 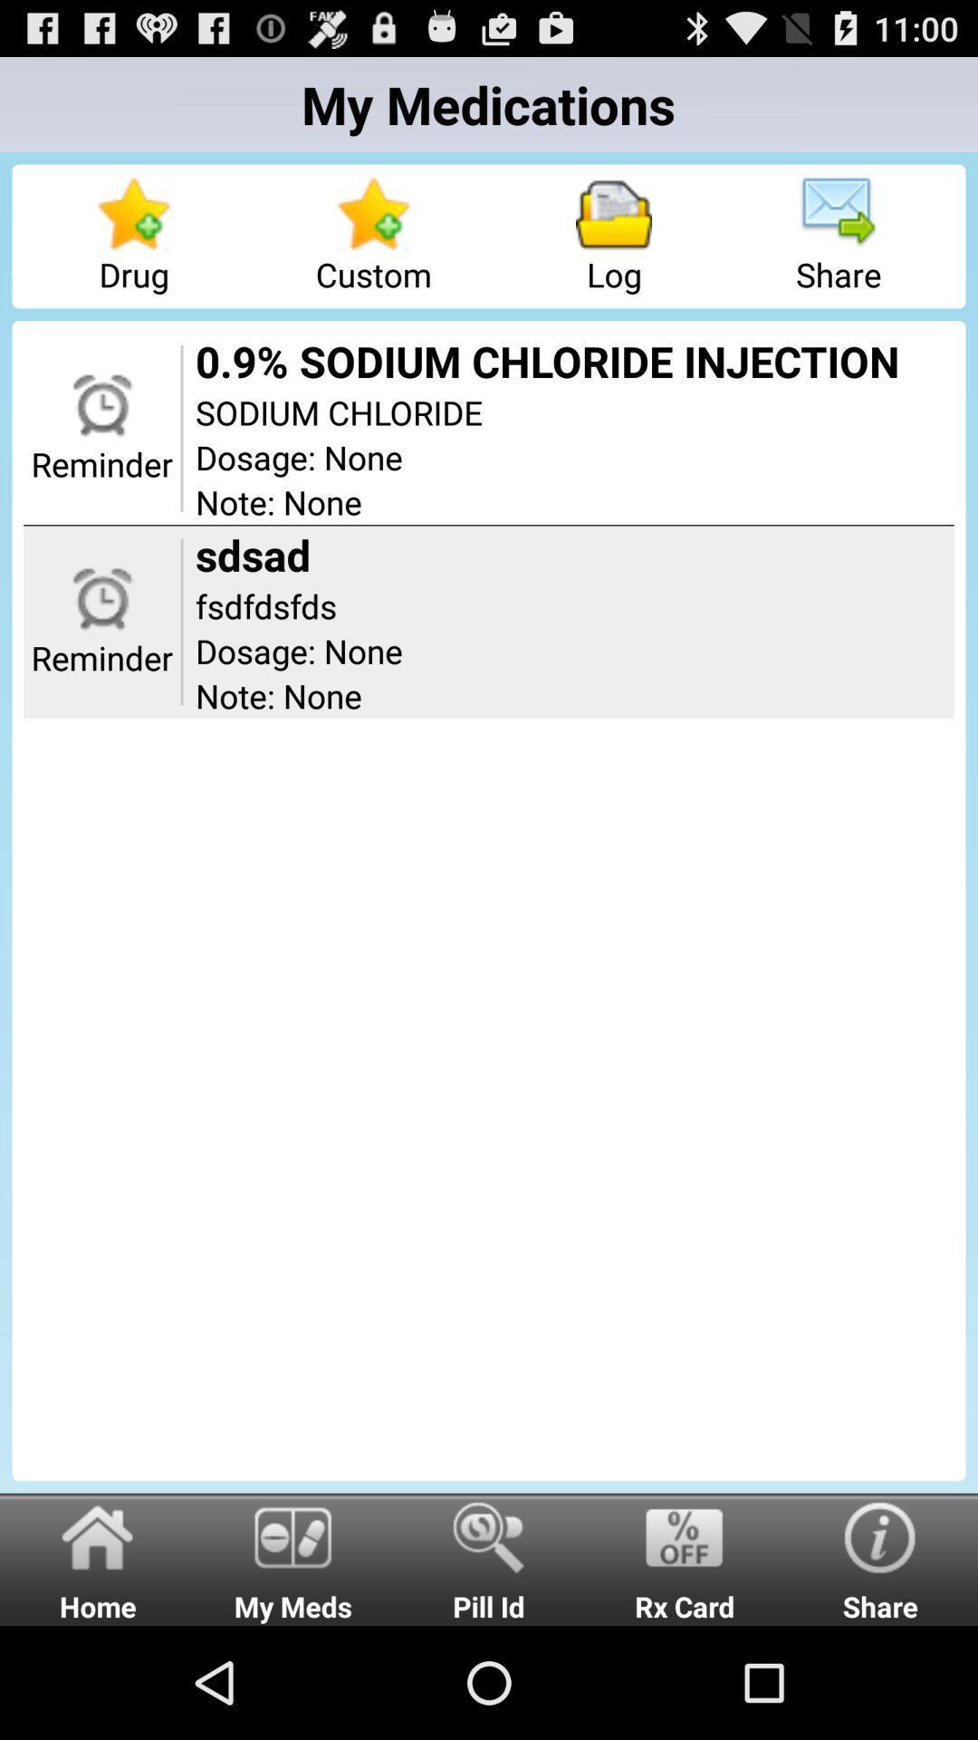 I want to click on item to the left of rx card radio button, so click(x=489, y=1558).